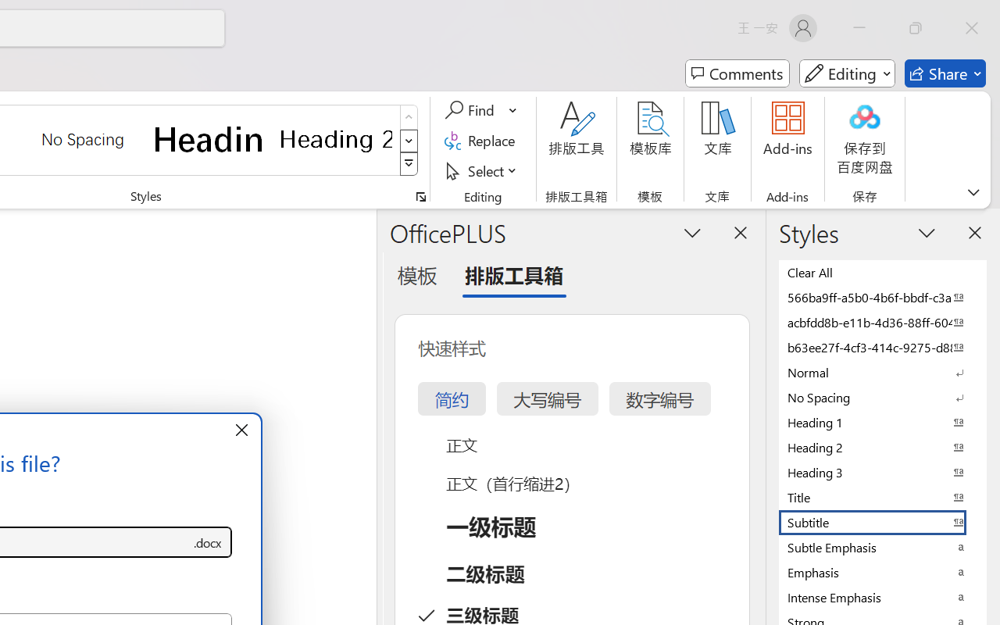  What do you see at coordinates (859, 27) in the screenshot?
I see `'Minimize'` at bounding box center [859, 27].